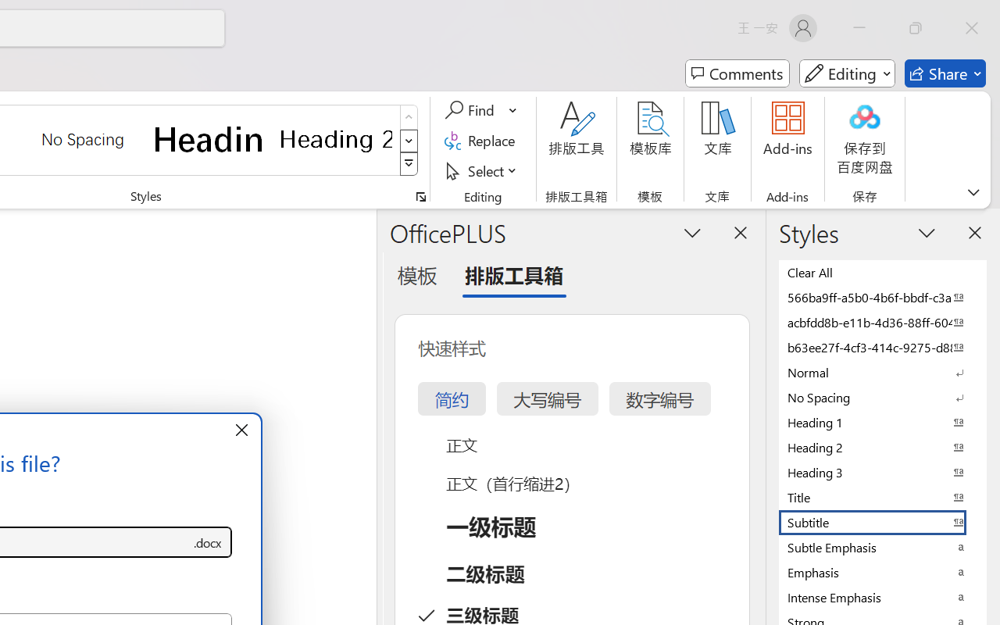  What do you see at coordinates (859, 27) in the screenshot?
I see `'Minimize'` at bounding box center [859, 27].